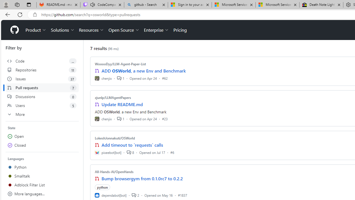 Image resolution: width=355 pixels, height=200 pixels. Describe the element at coordinates (130, 152) in the screenshot. I see `'8'` at that location.